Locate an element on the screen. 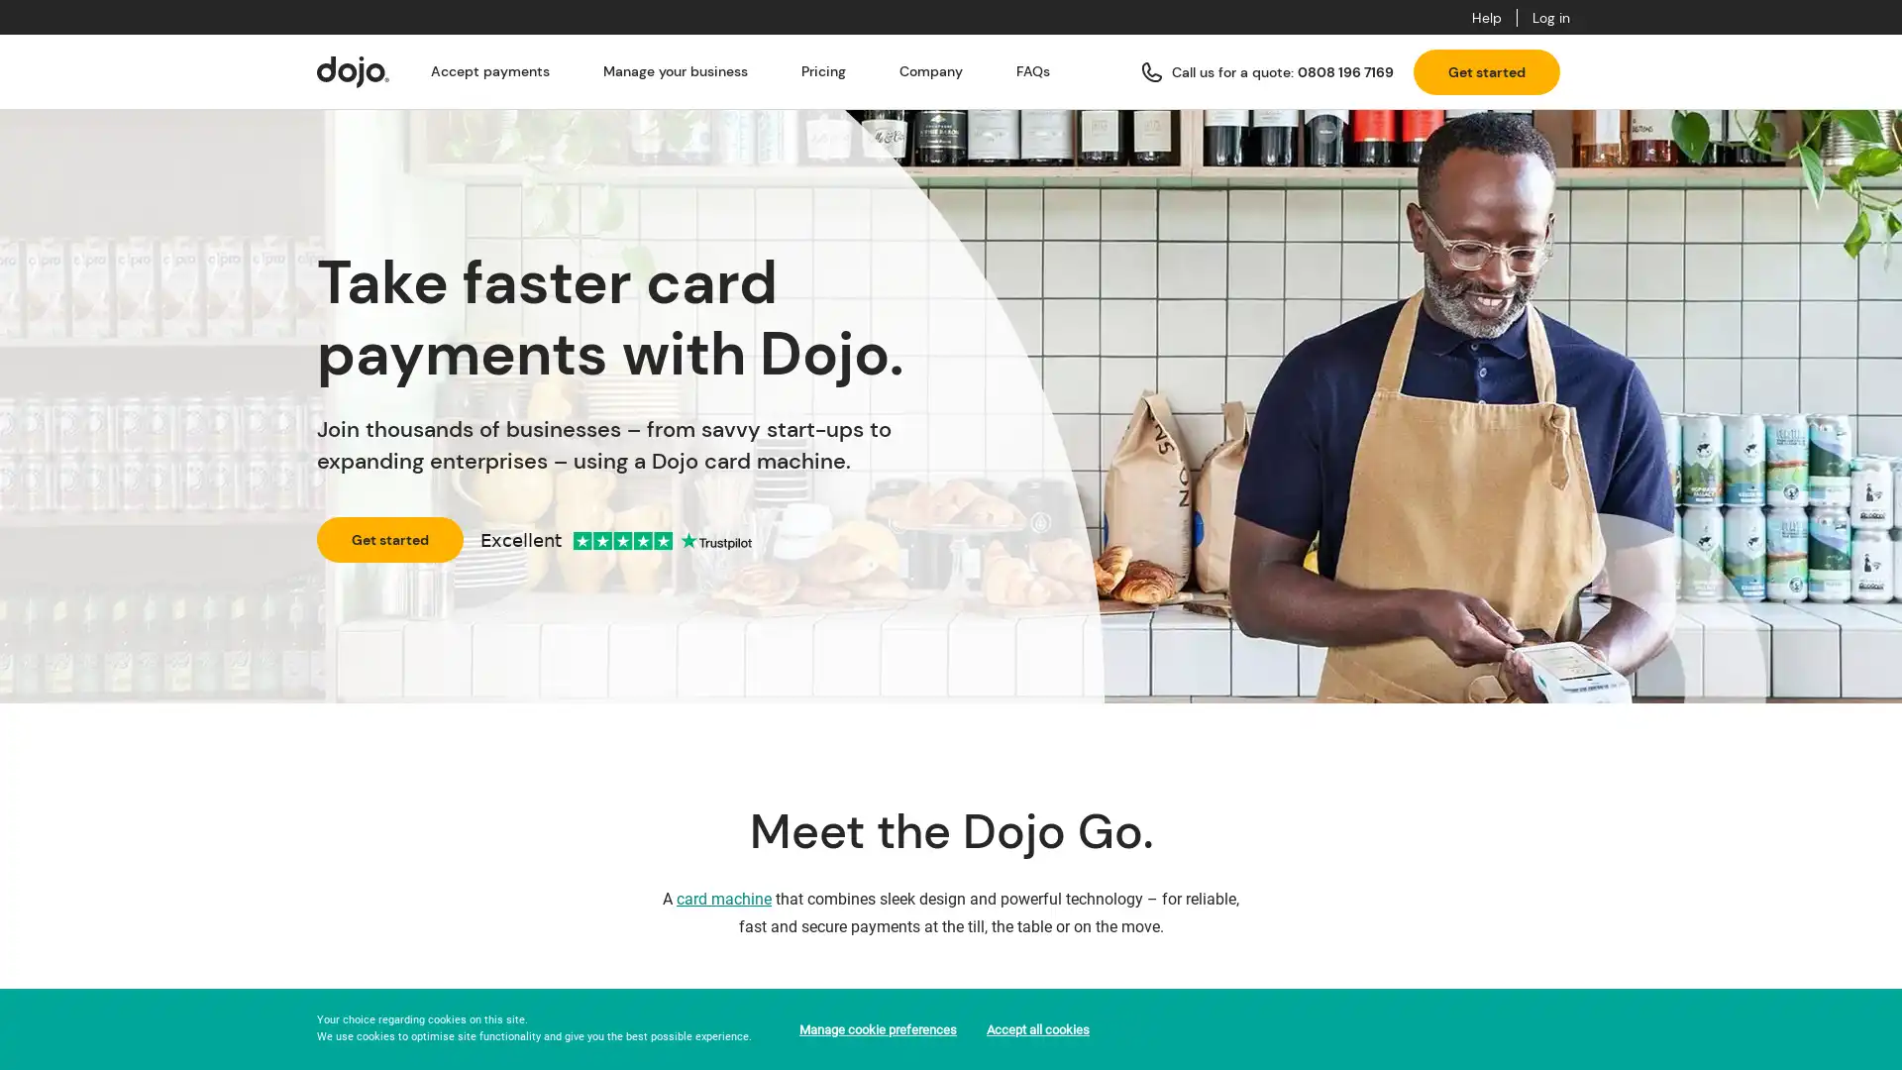  Manage cookie preferences is located at coordinates (877, 1027).